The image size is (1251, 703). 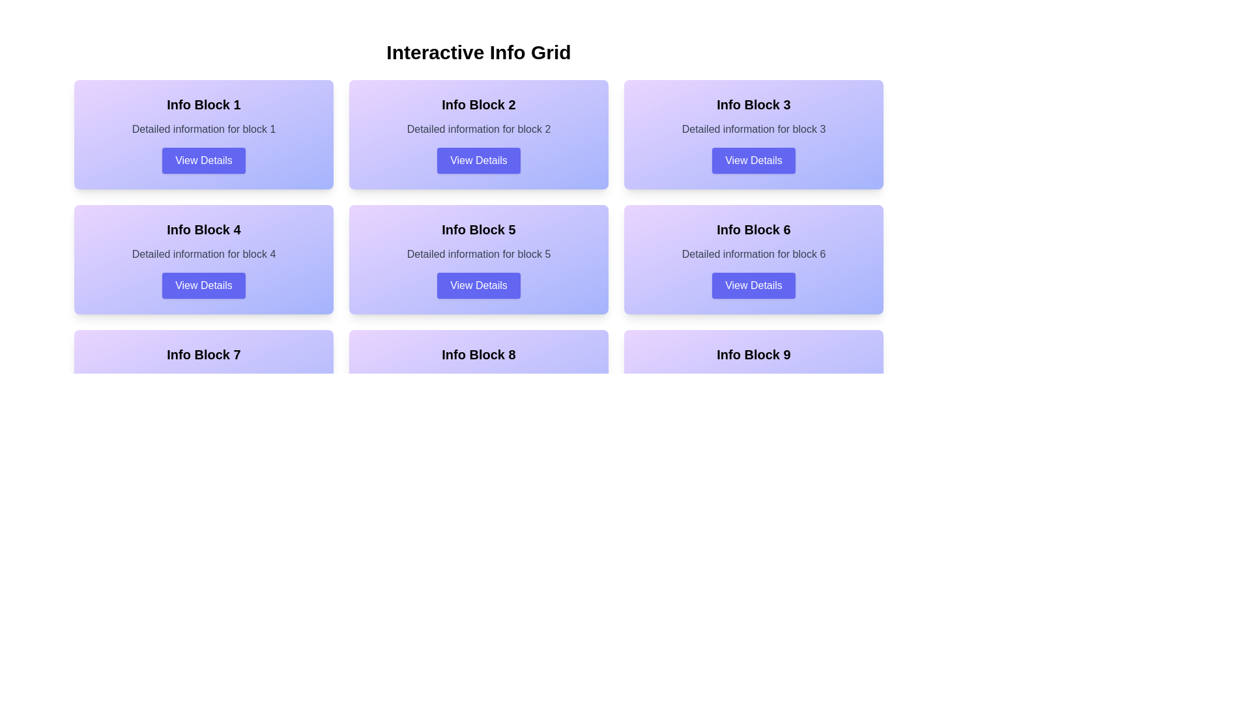 What do you see at coordinates (753, 285) in the screenshot?
I see `the button located at the bottom center of the 'Info Block 6' section` at bounding box center [753, 285].